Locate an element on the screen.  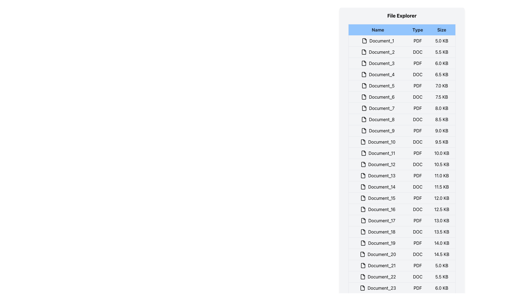
the visual marker icon representing the 'Document_20' item in the file list, located to the left of the text label 'Document_20' is located at coordinates (363, 254).